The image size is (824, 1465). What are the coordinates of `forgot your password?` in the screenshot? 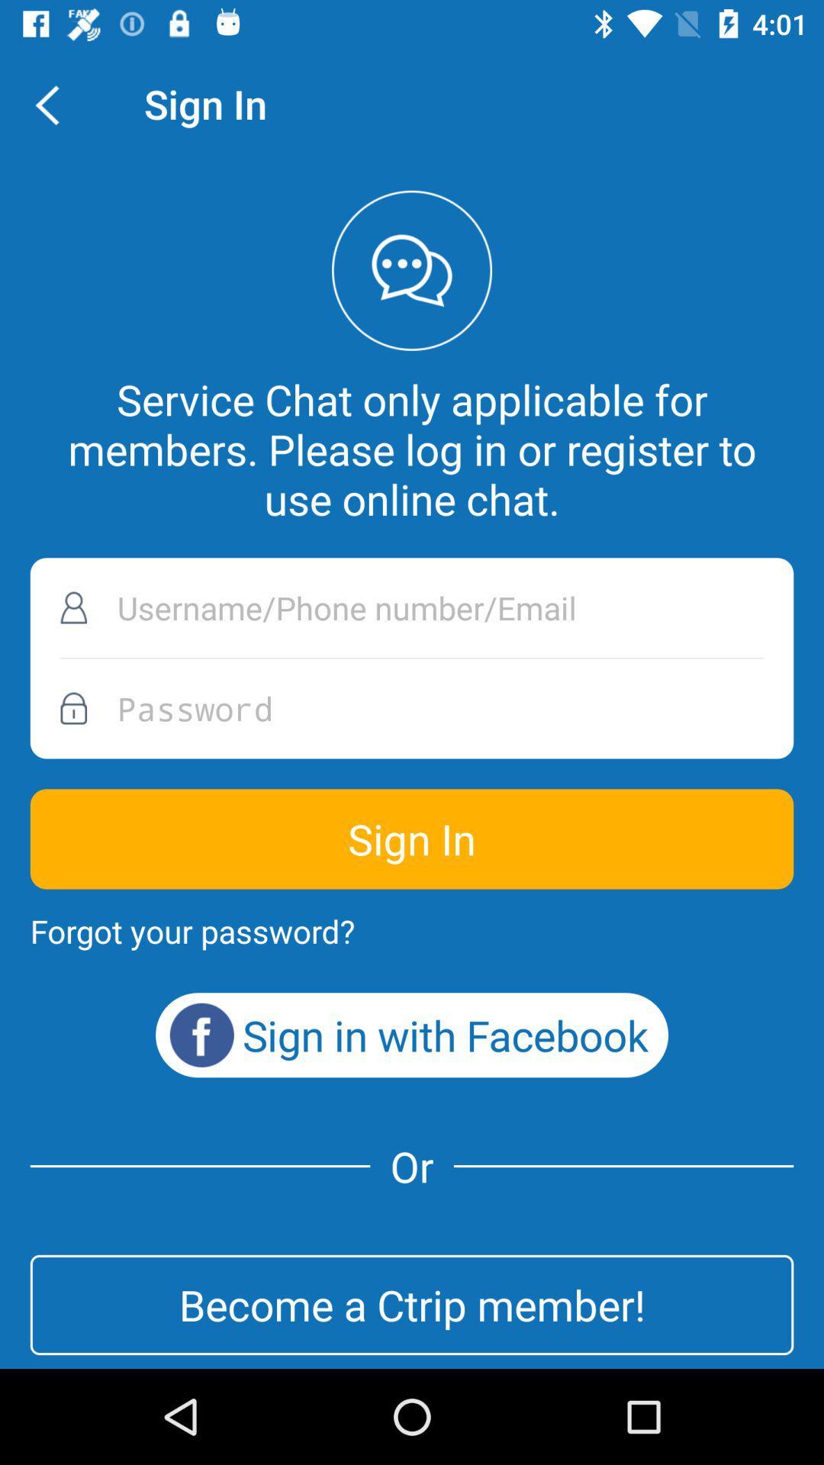 It's located at (192, 930).